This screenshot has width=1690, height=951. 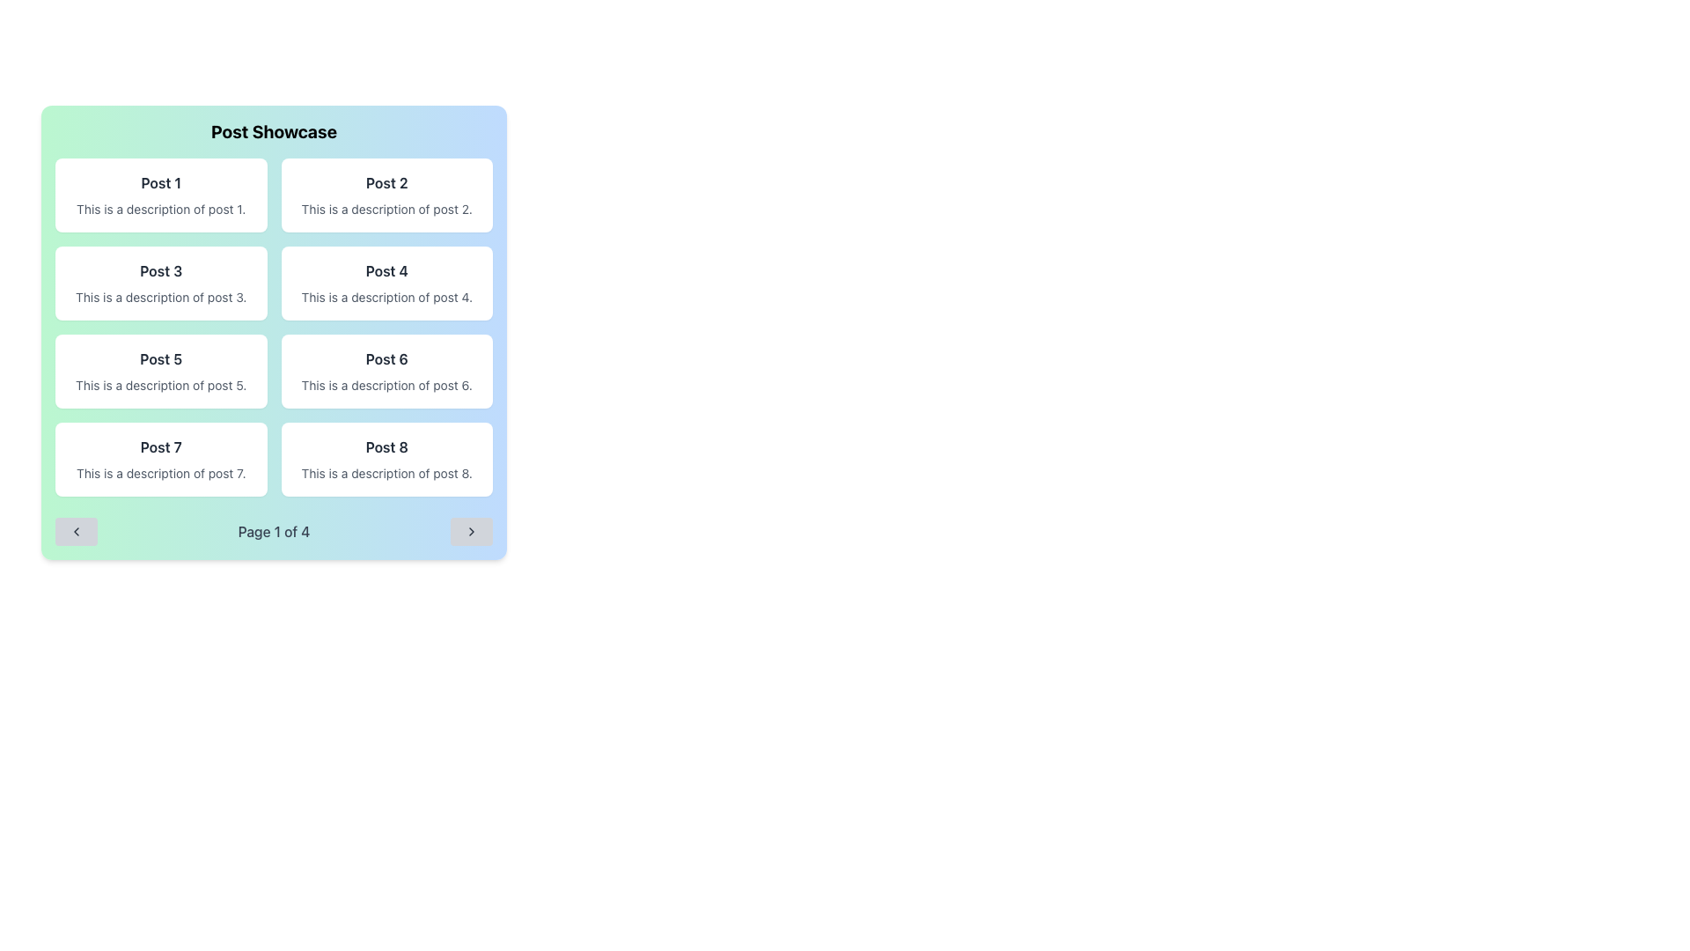 What do you see at coordinates (161, 472) in the screenshot?
I see `the Text label displaying 'This is a description of post 7.' which is styled in smaller, gray font and positioned beneath the header 'Post 7'` at bounding box center [161, 472].